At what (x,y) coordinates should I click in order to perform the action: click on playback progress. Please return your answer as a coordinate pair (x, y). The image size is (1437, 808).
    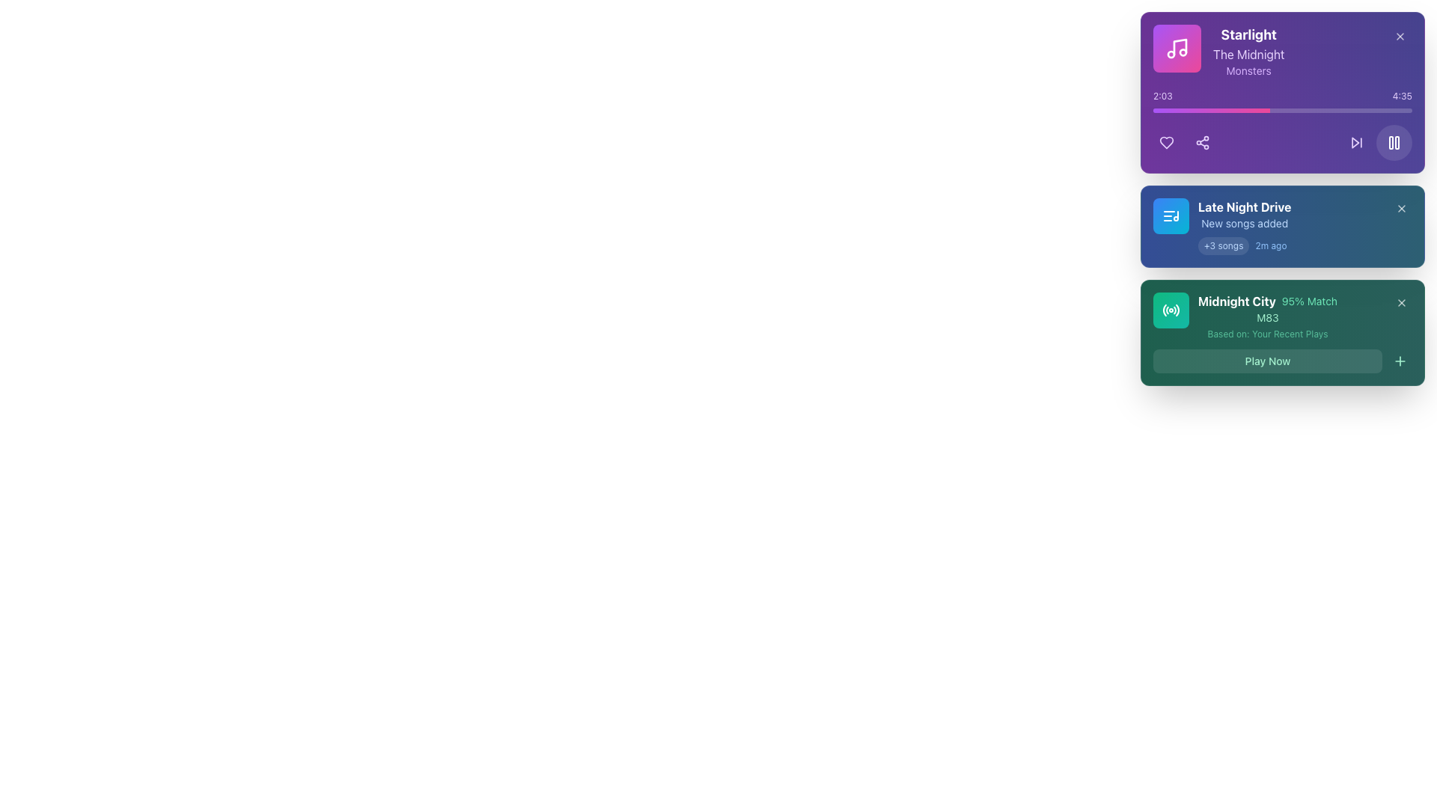
    Looking at the image, I should click on (1163, 109).